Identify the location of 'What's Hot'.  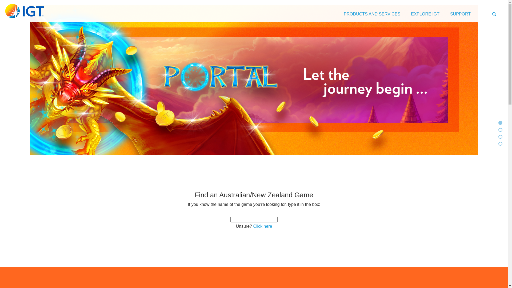
(500, 123).